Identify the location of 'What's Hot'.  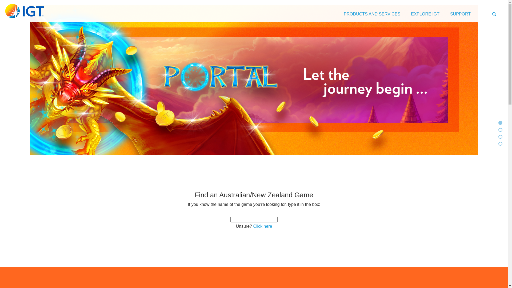
(500, 123).